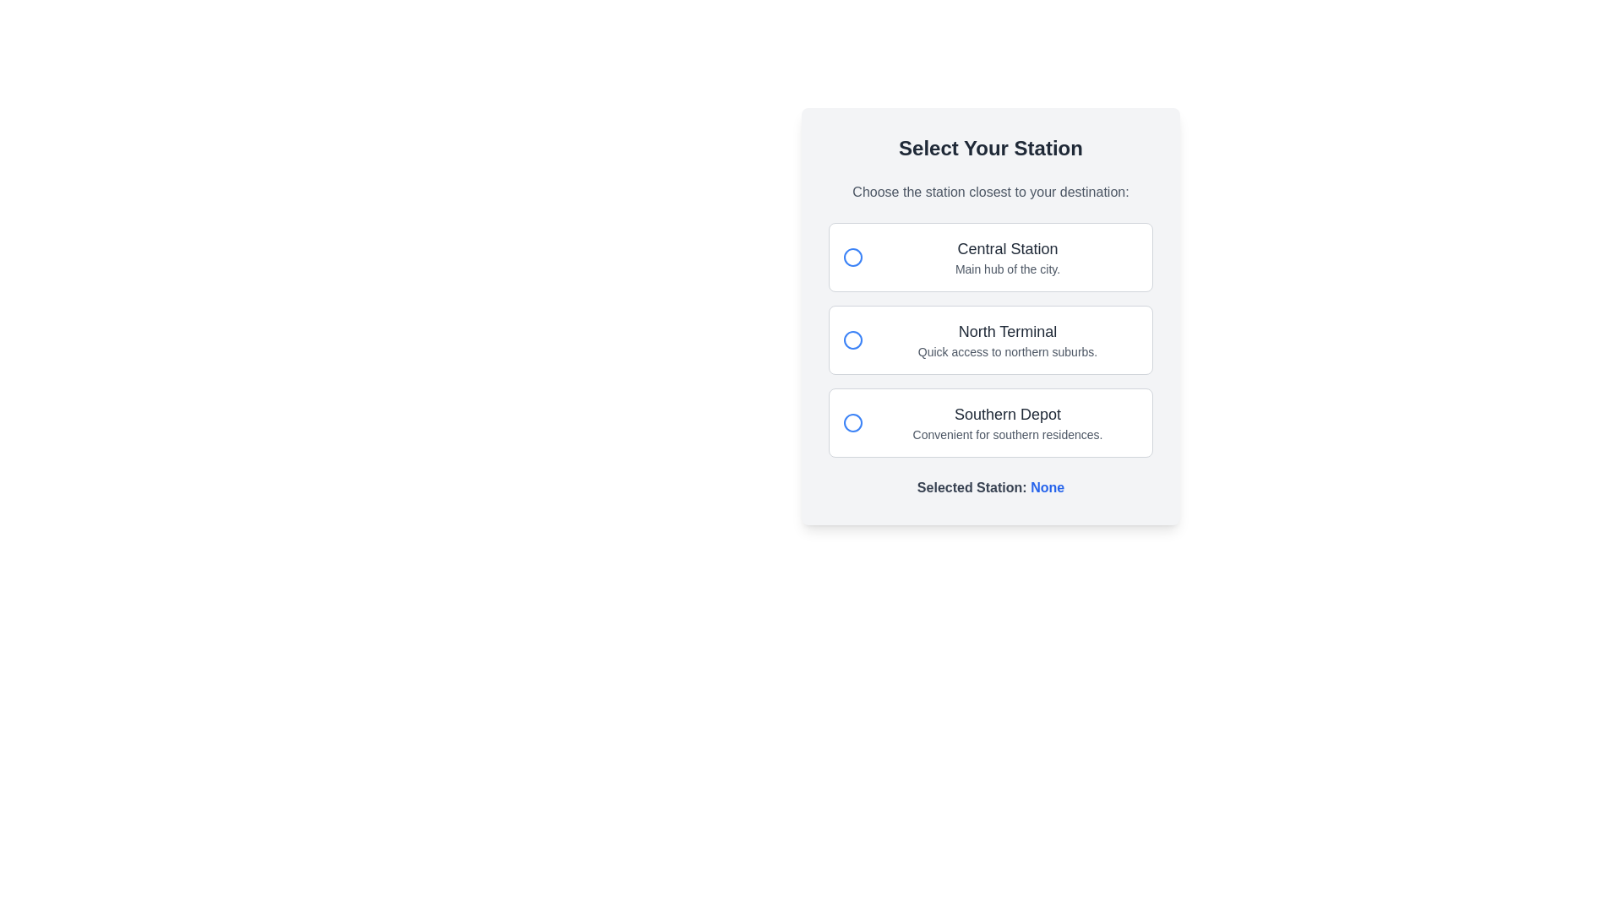 The width and height of the screenshot is (1622, 912). What do you see at coordinates (852, 422) in the screenshot?
I see `the radio button` at bounding box center [852, 422].